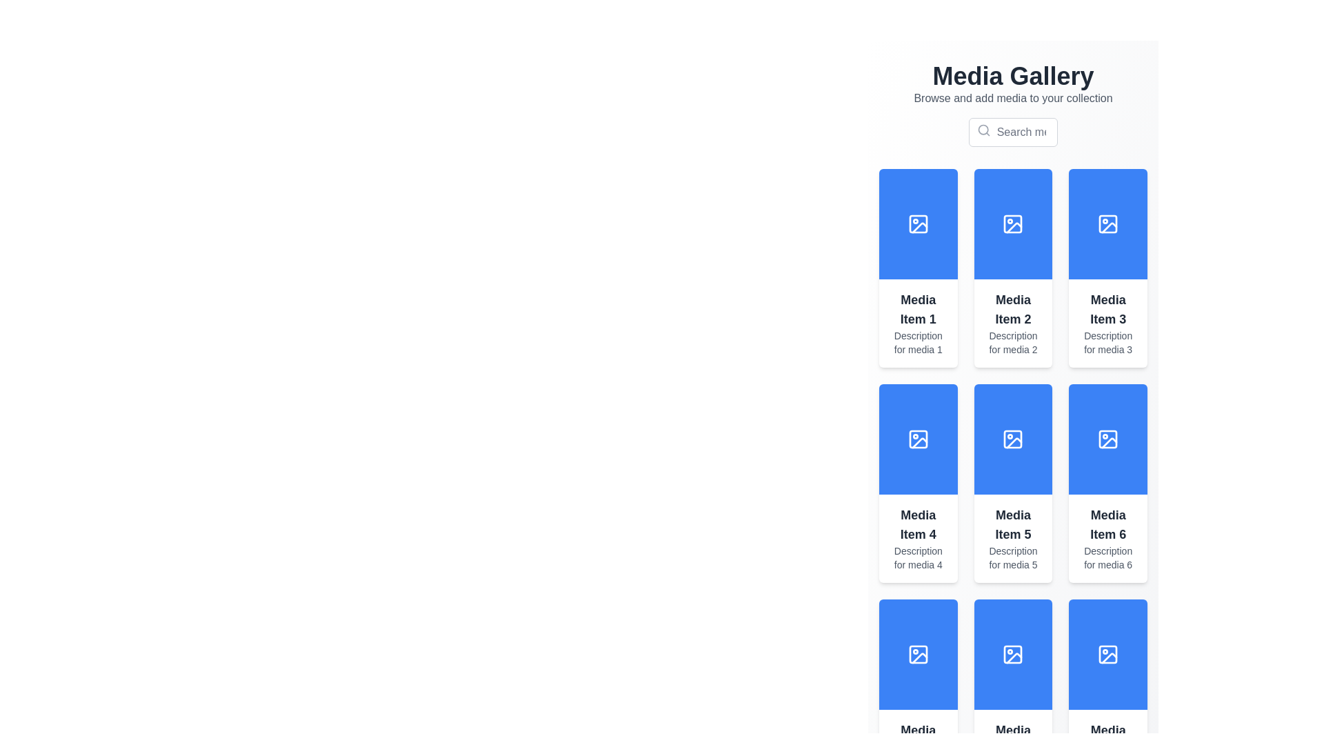 The image size is (1324, 745). What do you see at coordinates (1013, 132) in the screenshot?
I see `the magnifying glass icon located in the search bar just below the 'Media Gallery' heading to initiate a search action` at bounding box center [1013, 132].